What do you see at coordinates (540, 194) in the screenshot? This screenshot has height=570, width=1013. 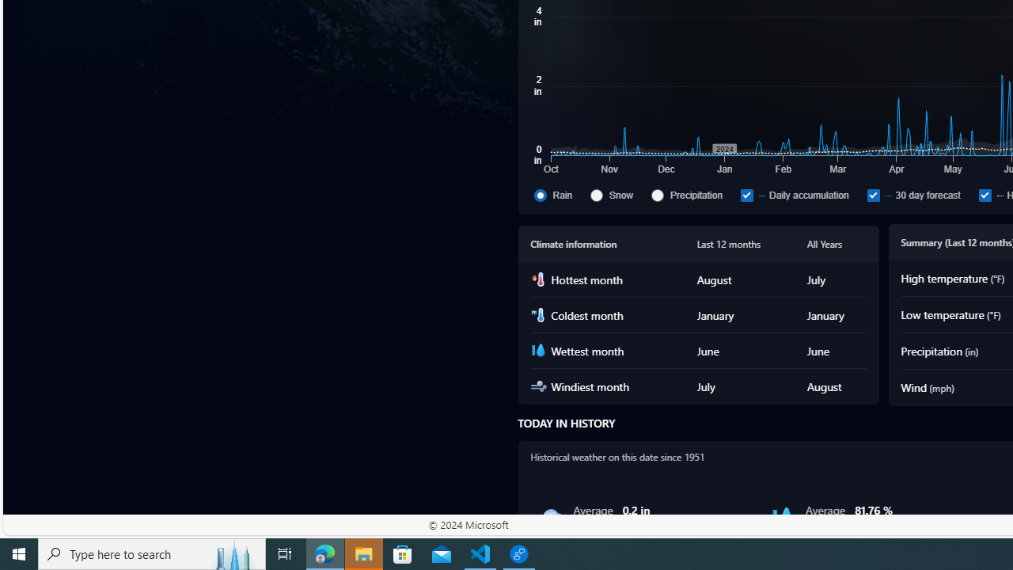 I see `'Rain'` at bounding box center [540, 194].